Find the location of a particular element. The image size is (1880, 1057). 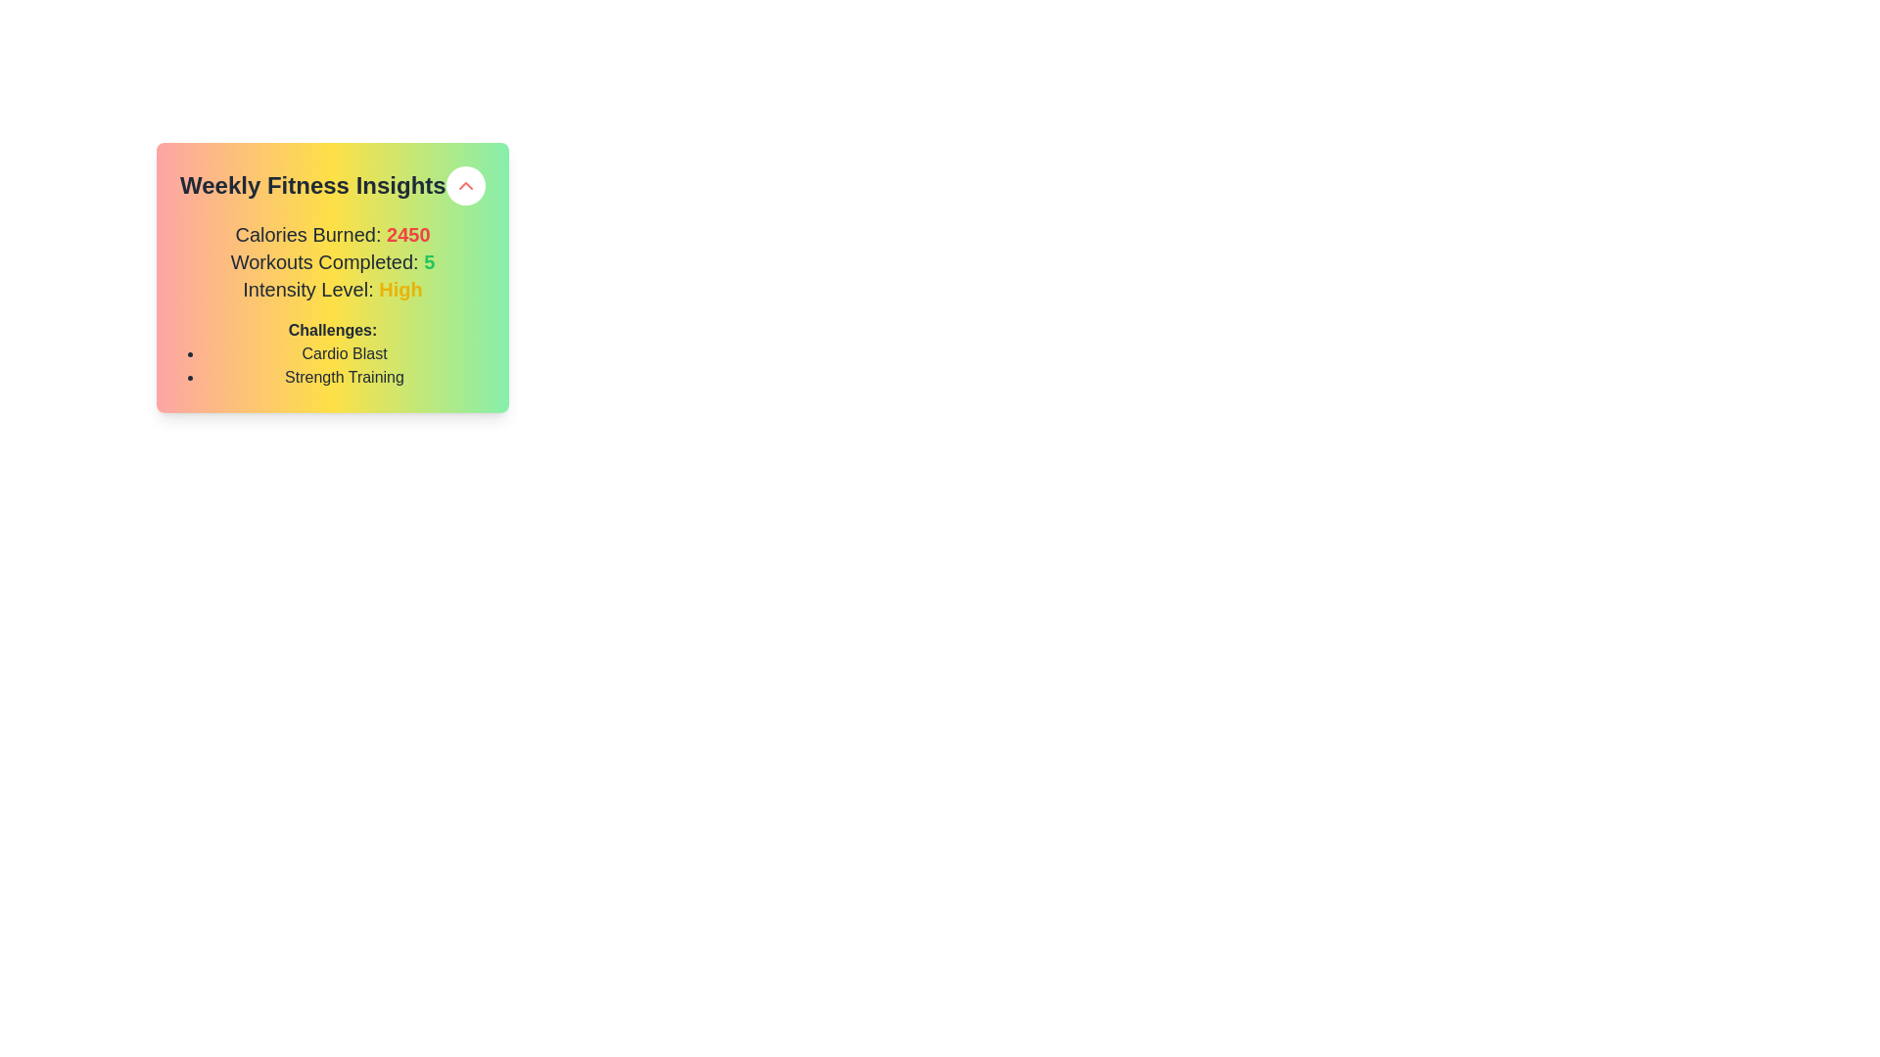

the 'Strength Training' label, which is the second item in the bulleted list under the 'Challenges' header, located centrally within the panel is located at coordinates (344, 377).